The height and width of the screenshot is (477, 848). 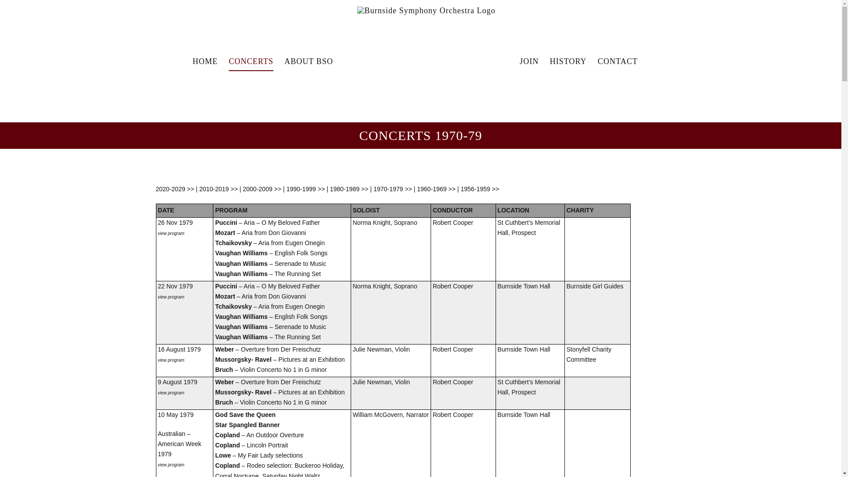 What do you see at coordinates (309, 61) in the screenshot?
I see `'ABOUT BSO'` at bounding box center [309, 61].